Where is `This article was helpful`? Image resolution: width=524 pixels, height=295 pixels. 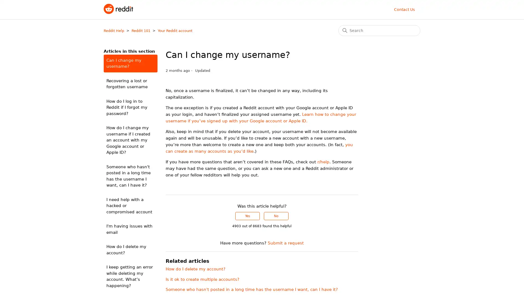 This article was helpful is located at coordinates (247, 216).